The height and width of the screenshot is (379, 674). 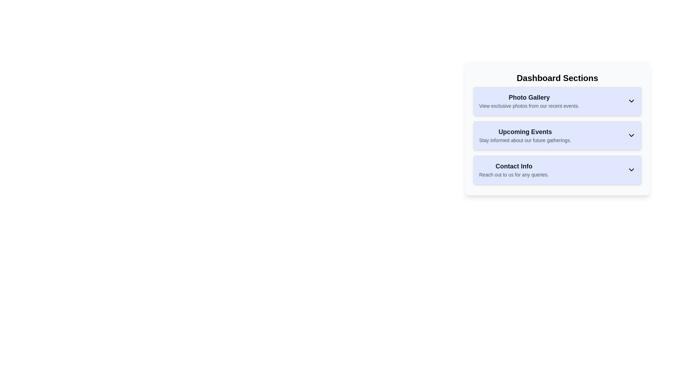 What do you see at coordinates (514, 174) in the screenshot?
I see `the static text display that reads 'Reach out to us for any queries.' which is located under the heading 'Contact Info' in the third card of the 'Dashboard Sections'` at bounding box center [514, 174].